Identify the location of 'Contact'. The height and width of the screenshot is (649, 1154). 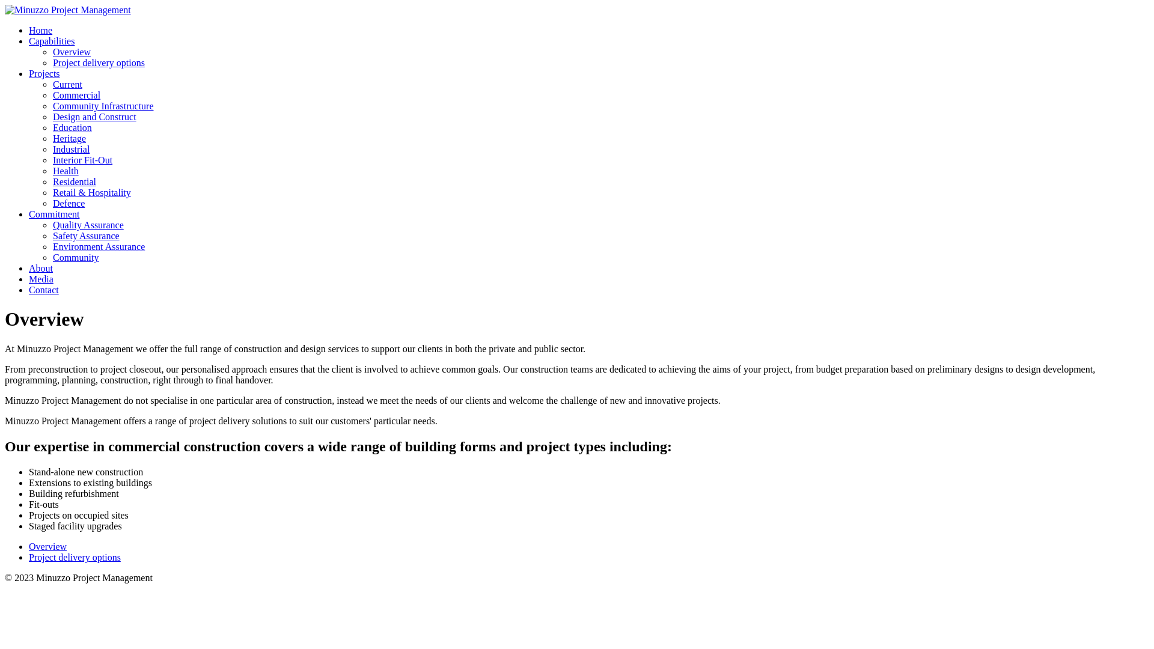
(43, 290).